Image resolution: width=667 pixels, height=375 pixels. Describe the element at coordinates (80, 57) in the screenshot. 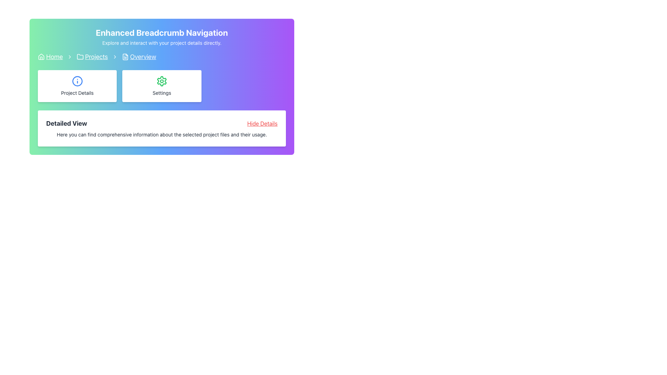

I see `the folder icon located in the breadcrumb navigation bar, to the left of the 'Projects' text link, which serves as a visual aid for navigation` at that location.